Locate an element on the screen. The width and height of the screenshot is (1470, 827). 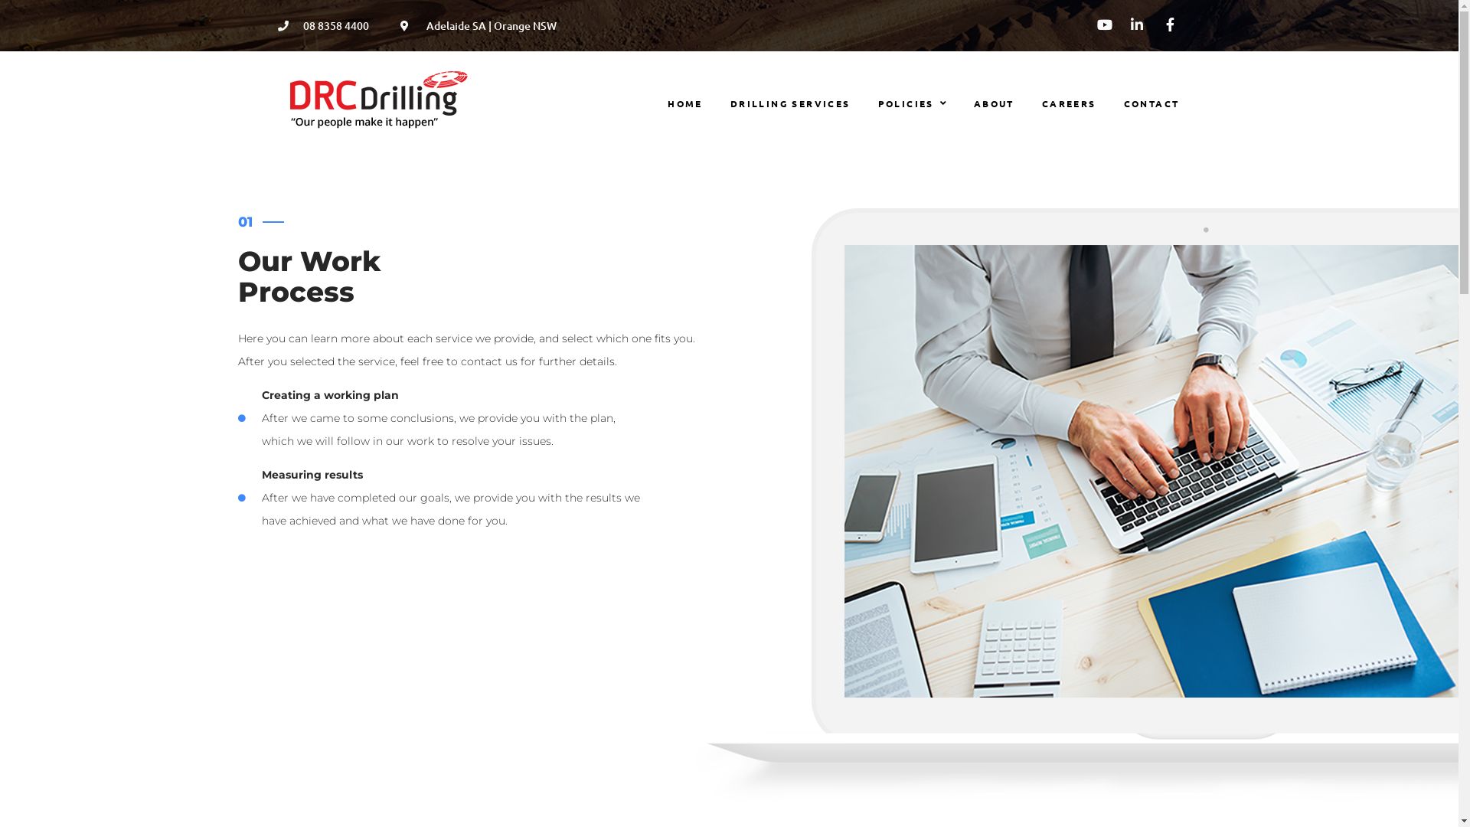
'DRILLING SERVICES' is located at coordinates (790, 103).